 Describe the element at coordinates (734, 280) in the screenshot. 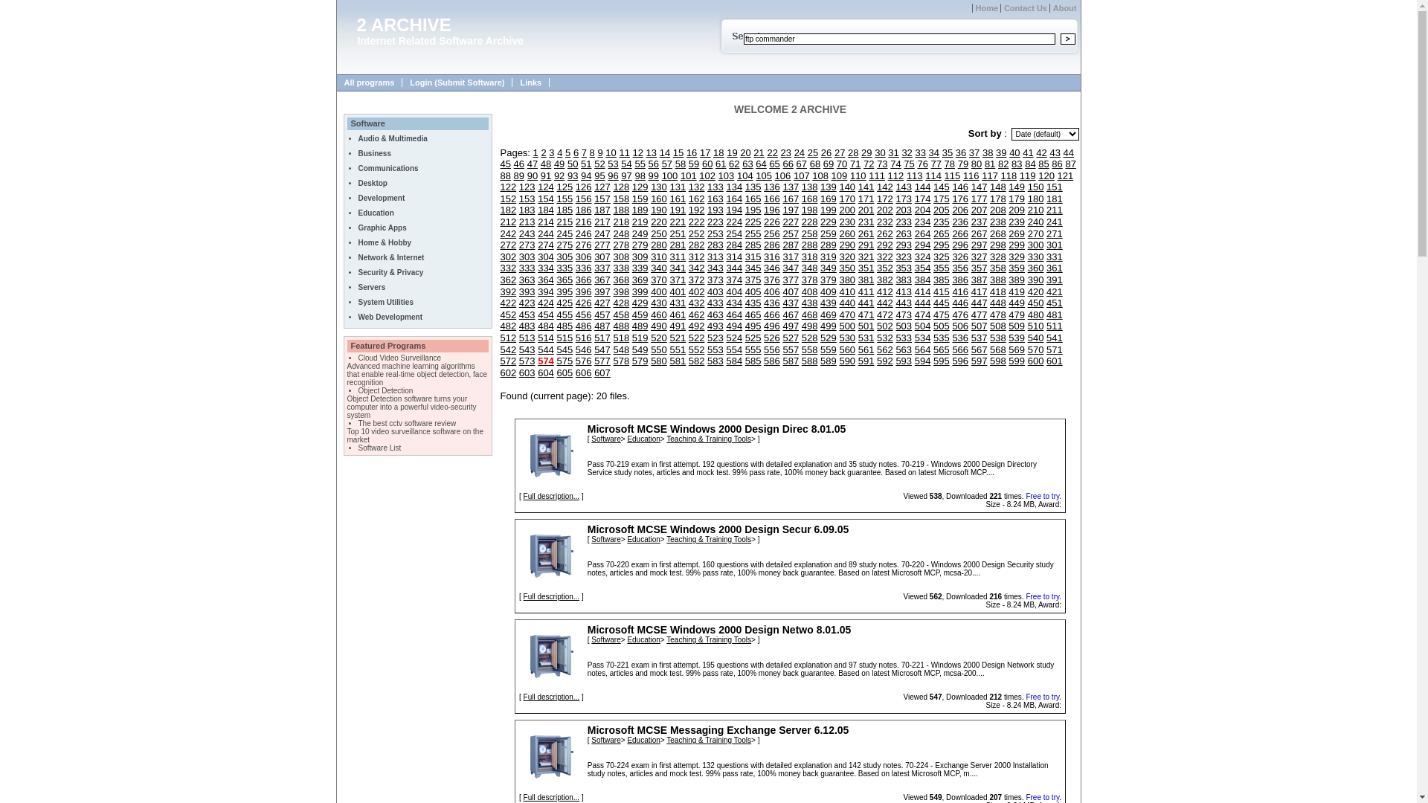

I see `'374'` at that location.